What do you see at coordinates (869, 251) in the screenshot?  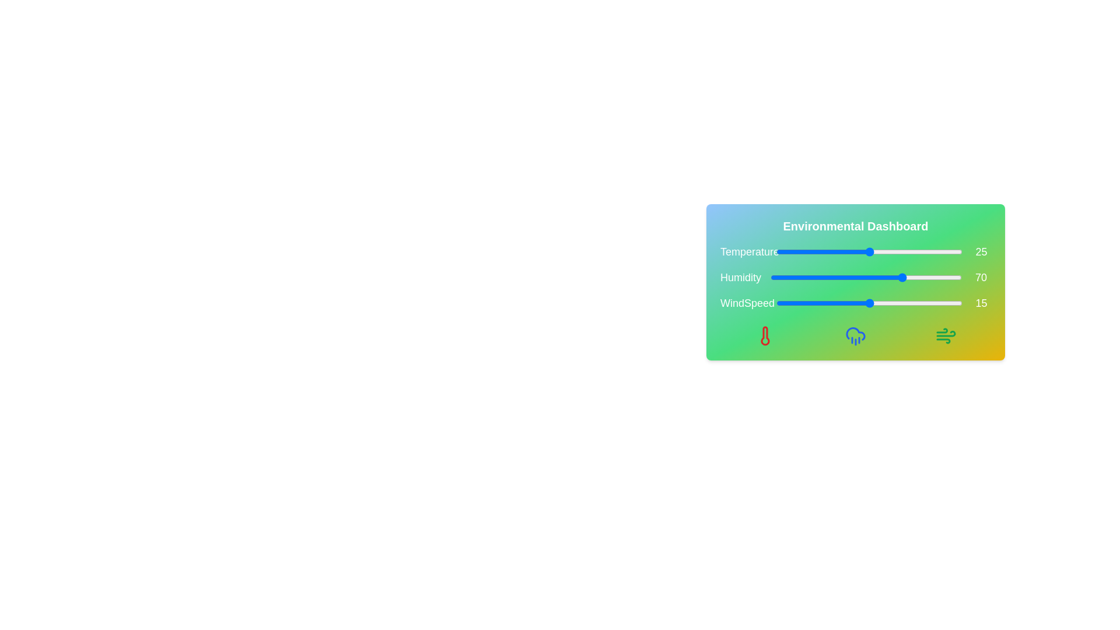 I see `the temperature slider to 25 degrees` at bounding box center [869, 251].